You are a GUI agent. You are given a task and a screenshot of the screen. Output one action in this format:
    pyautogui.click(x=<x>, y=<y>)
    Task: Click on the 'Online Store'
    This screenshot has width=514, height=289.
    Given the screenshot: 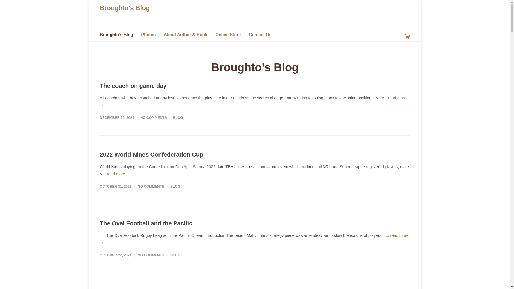 What is the action you would take?
    pyautogui.click(x=232, y=35)
    